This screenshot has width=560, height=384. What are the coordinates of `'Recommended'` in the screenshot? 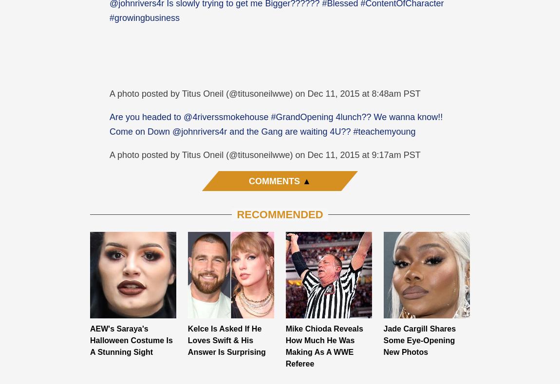 It's located at (280, 213).